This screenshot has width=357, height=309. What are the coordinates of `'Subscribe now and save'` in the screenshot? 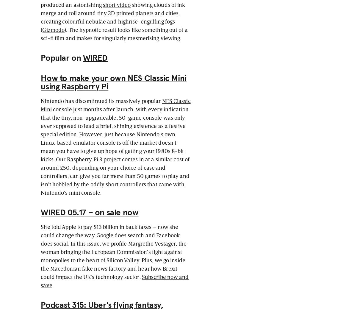 It's located at (115, 280).